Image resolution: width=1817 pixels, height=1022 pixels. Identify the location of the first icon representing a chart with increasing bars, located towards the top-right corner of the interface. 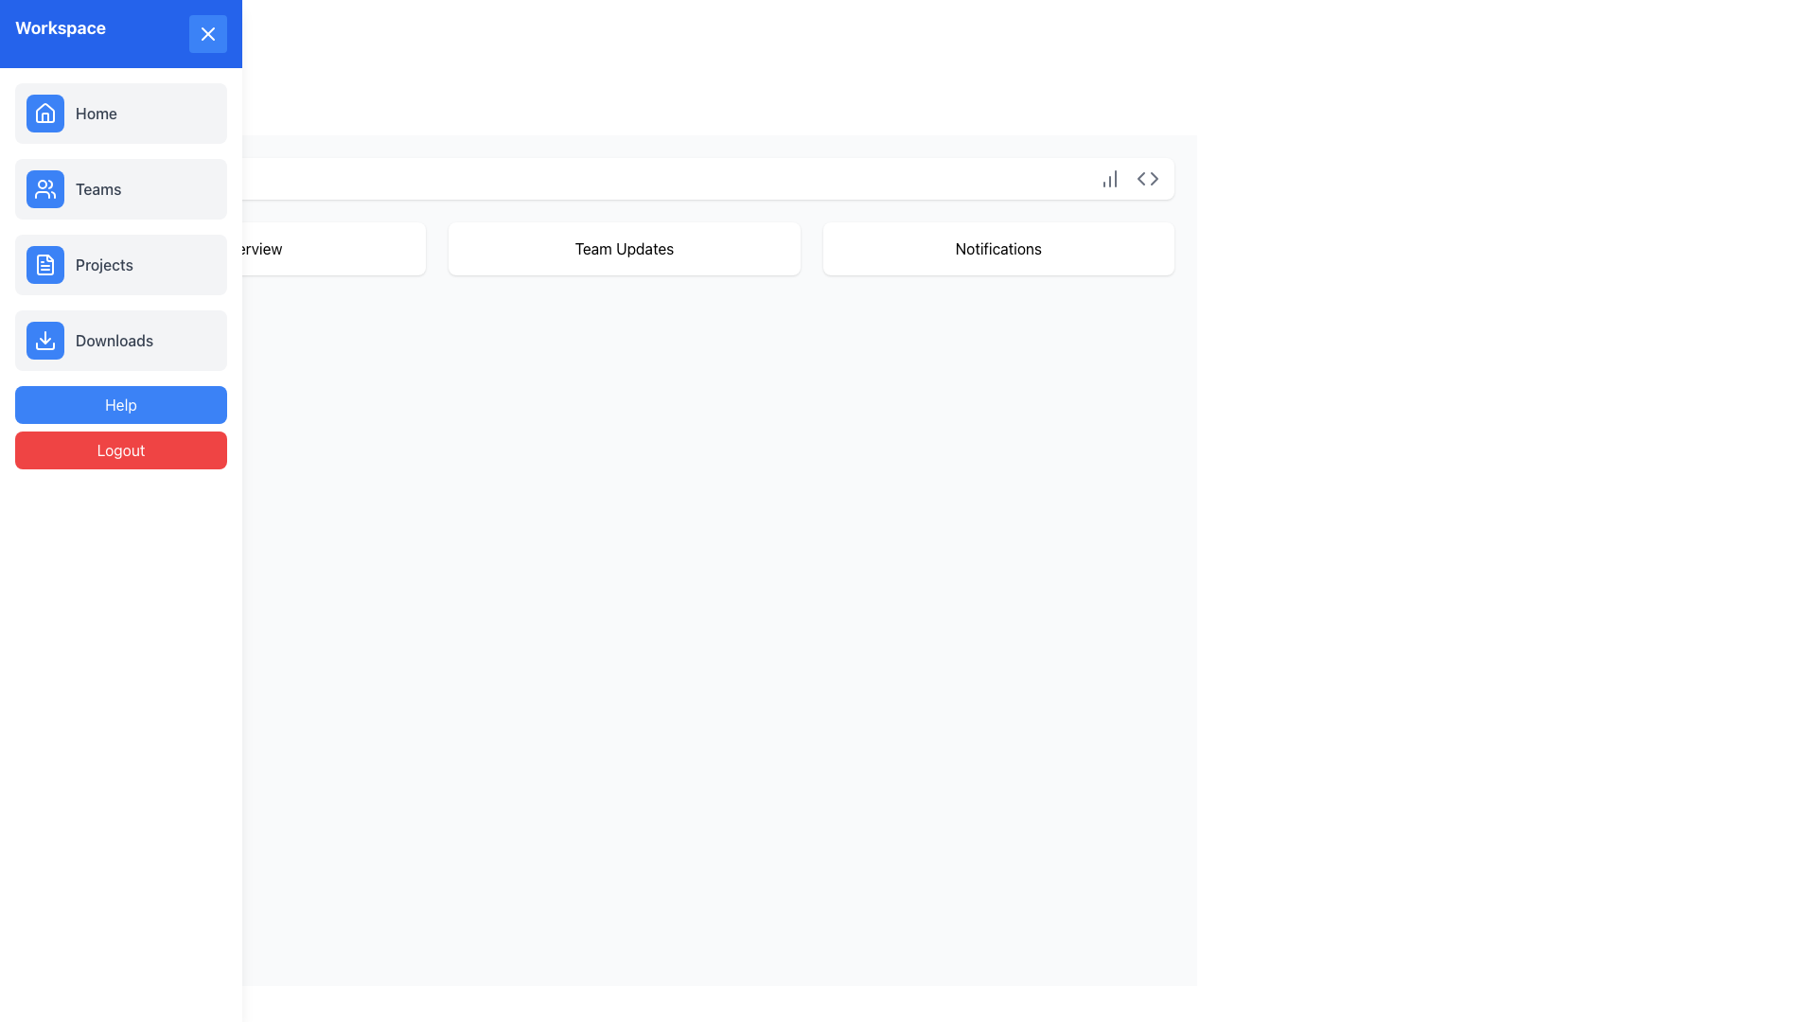
(1109, 179).